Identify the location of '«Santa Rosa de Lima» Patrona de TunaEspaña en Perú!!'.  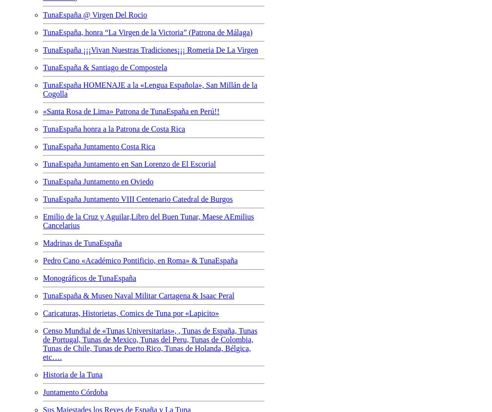
(131, 110).